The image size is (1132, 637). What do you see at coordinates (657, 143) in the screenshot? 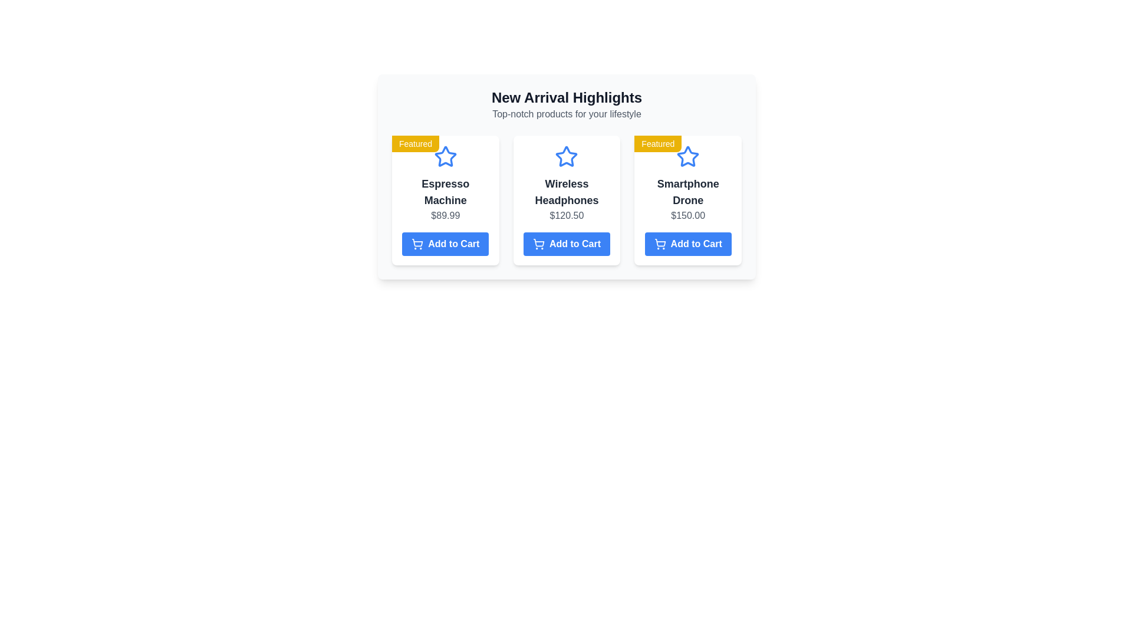
I see `the 'Featured' label, which is a yellow tag with white text, positioned at the top-left corner of the 'Smartphone Drone' item card` at bounding box center [657, 143].